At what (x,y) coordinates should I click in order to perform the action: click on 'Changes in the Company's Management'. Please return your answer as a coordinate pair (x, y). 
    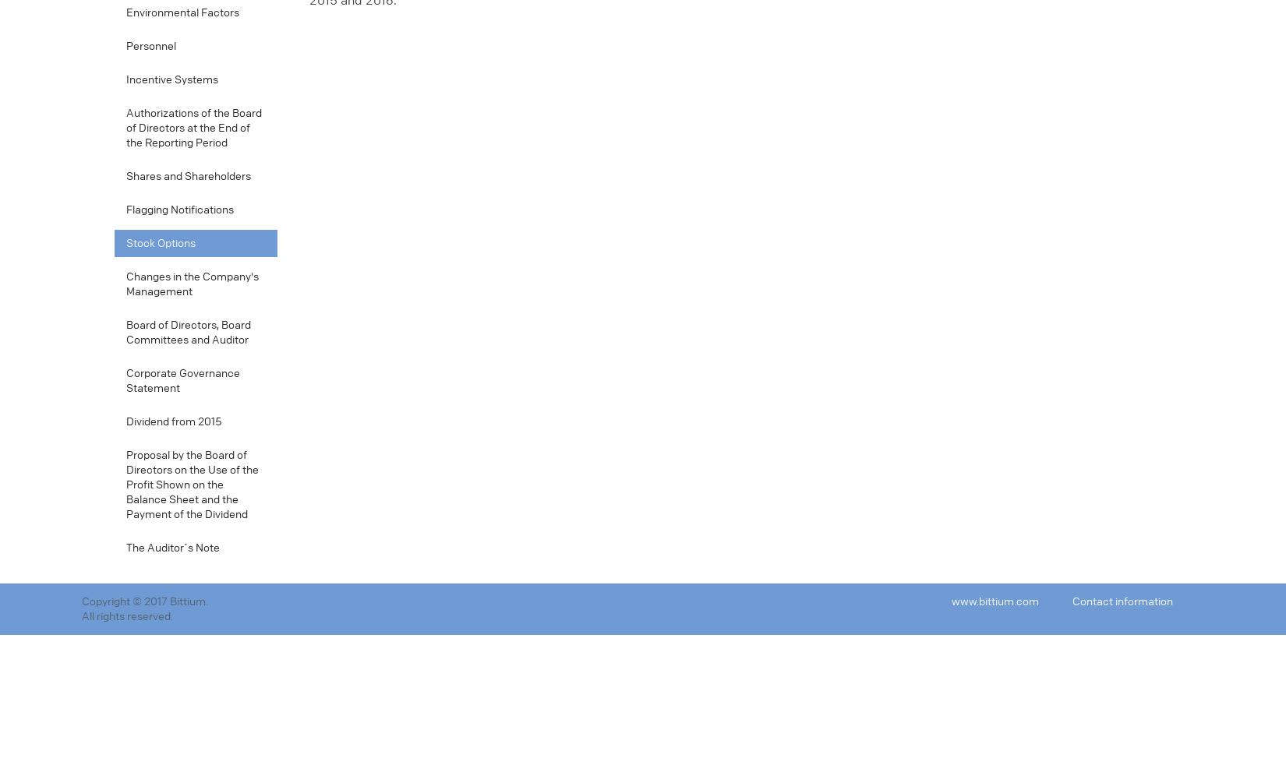
    Looking at the image, I should click on (192, 284).